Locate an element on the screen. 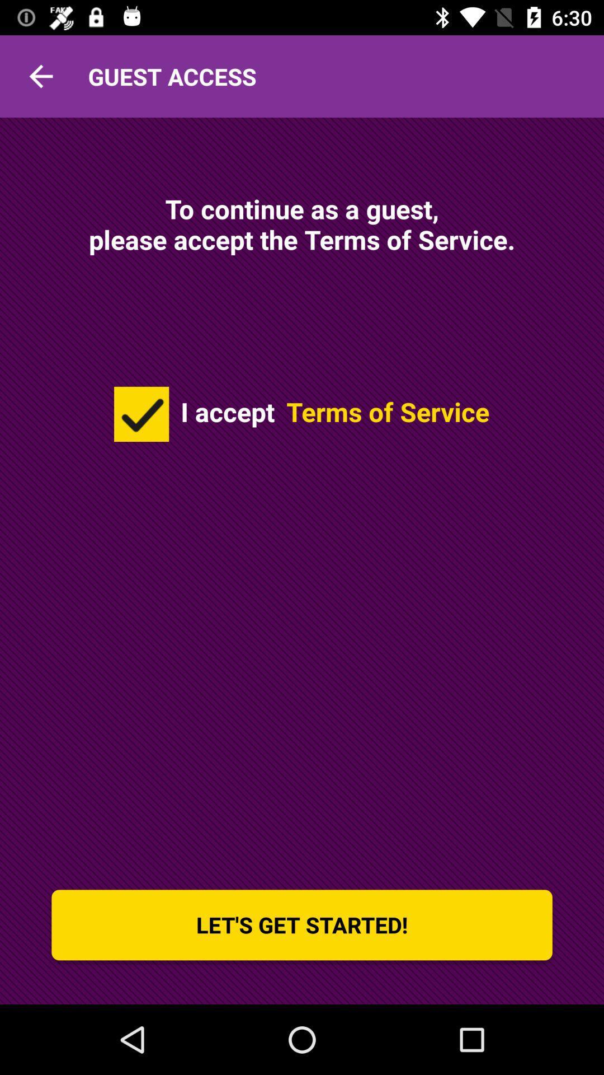 This screenshot has height=1075, width=604. icon below to continue as item is located at coordinates (141, 413).